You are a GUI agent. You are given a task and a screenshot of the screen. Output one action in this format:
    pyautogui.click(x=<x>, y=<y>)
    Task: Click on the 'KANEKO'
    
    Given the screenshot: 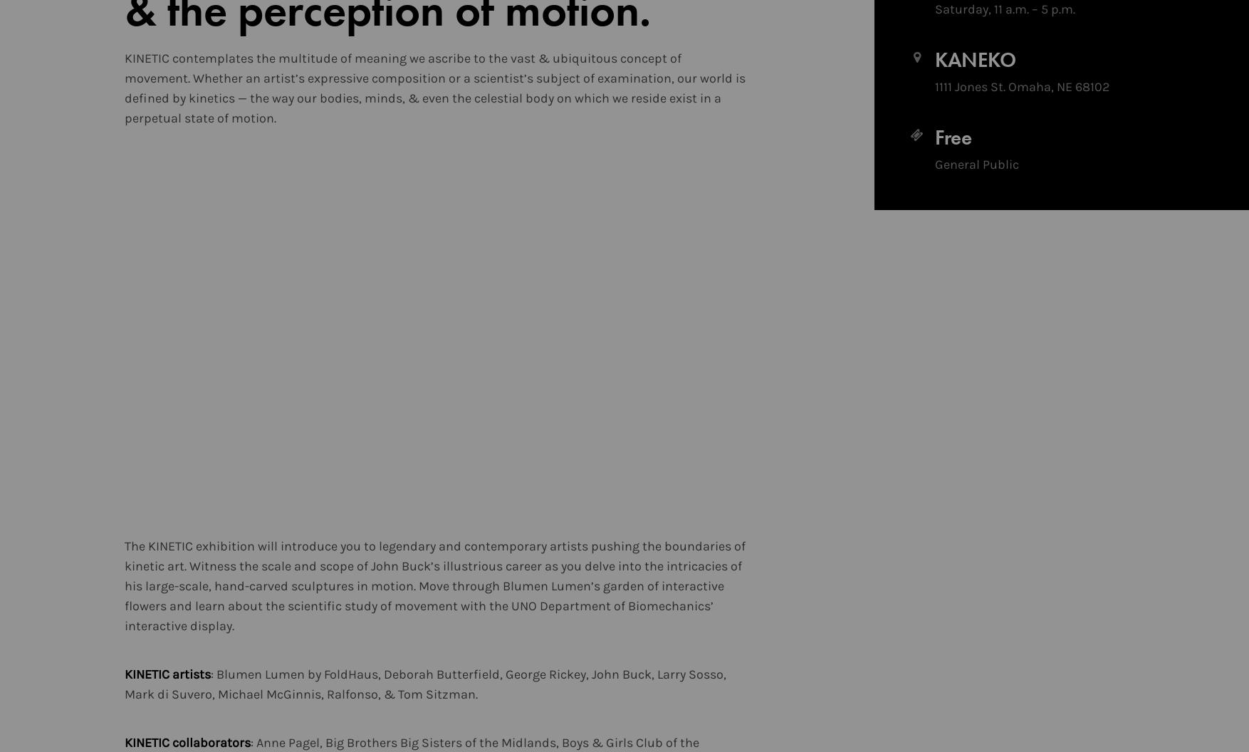 What is the action you would take?
    pyautogui.click(x=973, y=59)
    